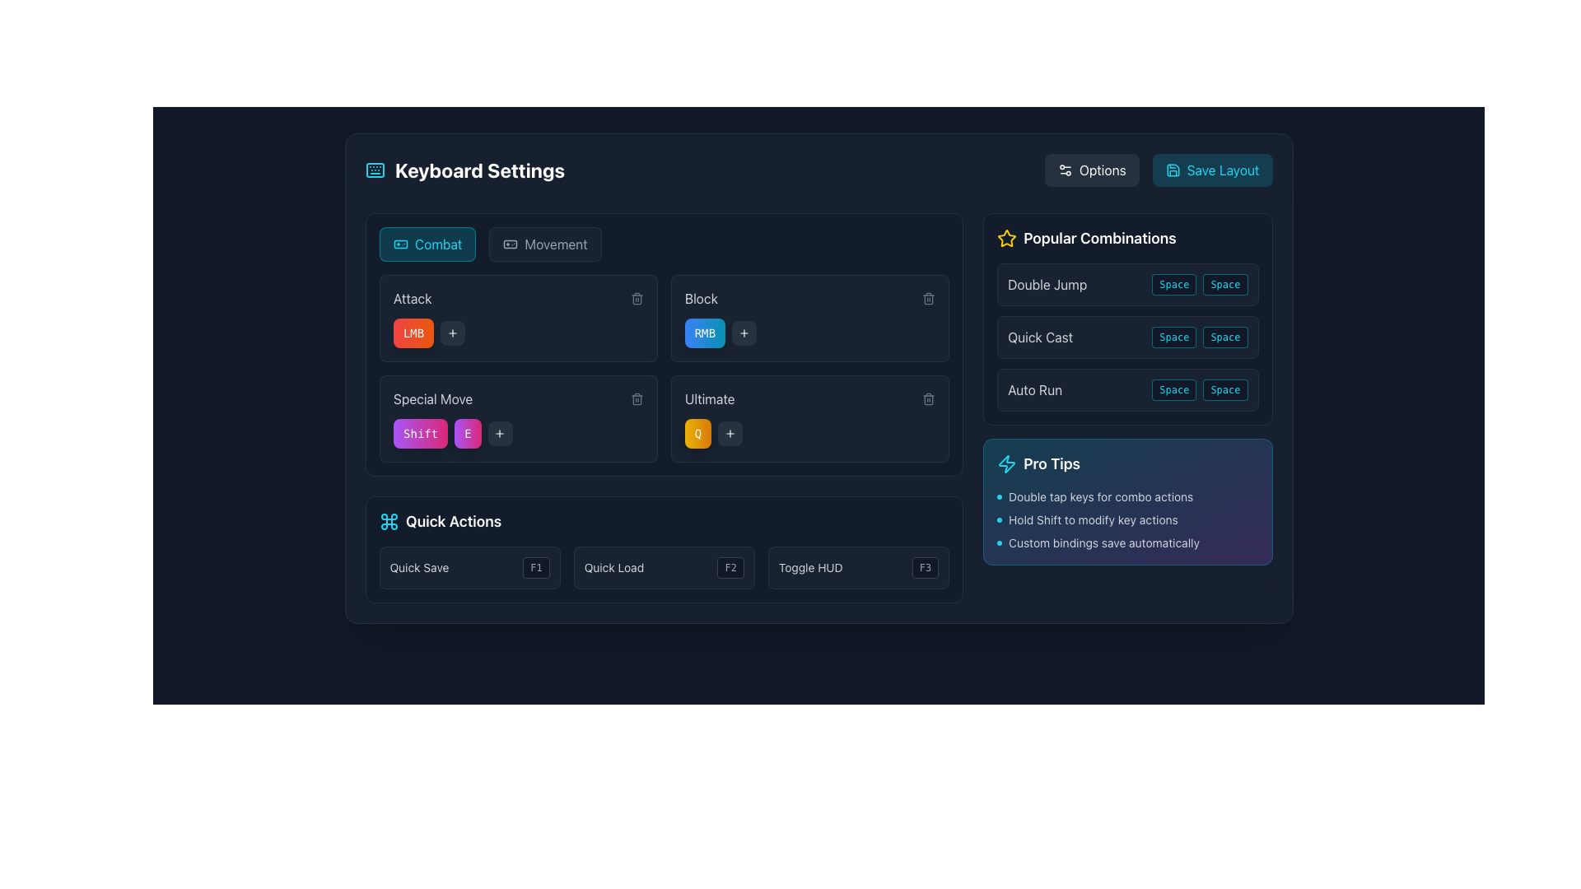 The image size is (1581, 889). What do you see at coordinates (1006, 463) in the screenshot?
I see `the cyan lightning bolt icon located to the left of the 'Pro Tips' heading text in the right pane of the interface` at bounding box center [1006, 463].